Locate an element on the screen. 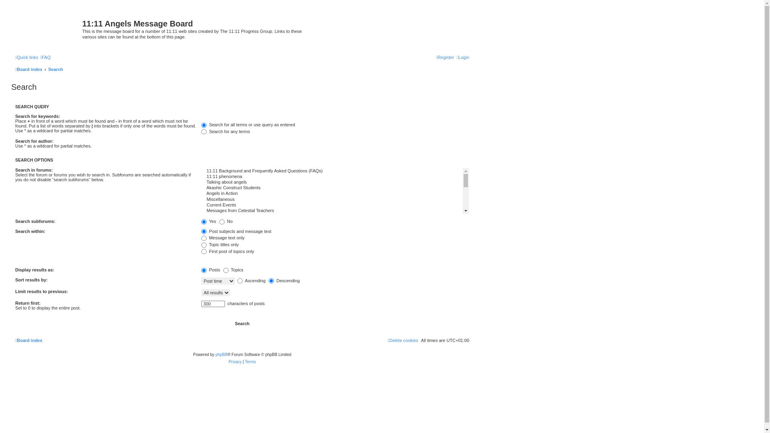 The image size is (770, 433). 'phpBB' is located at coordinates (221, 354).